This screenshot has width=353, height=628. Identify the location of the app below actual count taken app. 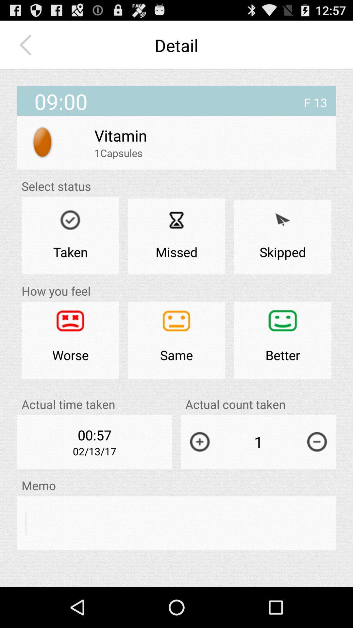
(199, 442).